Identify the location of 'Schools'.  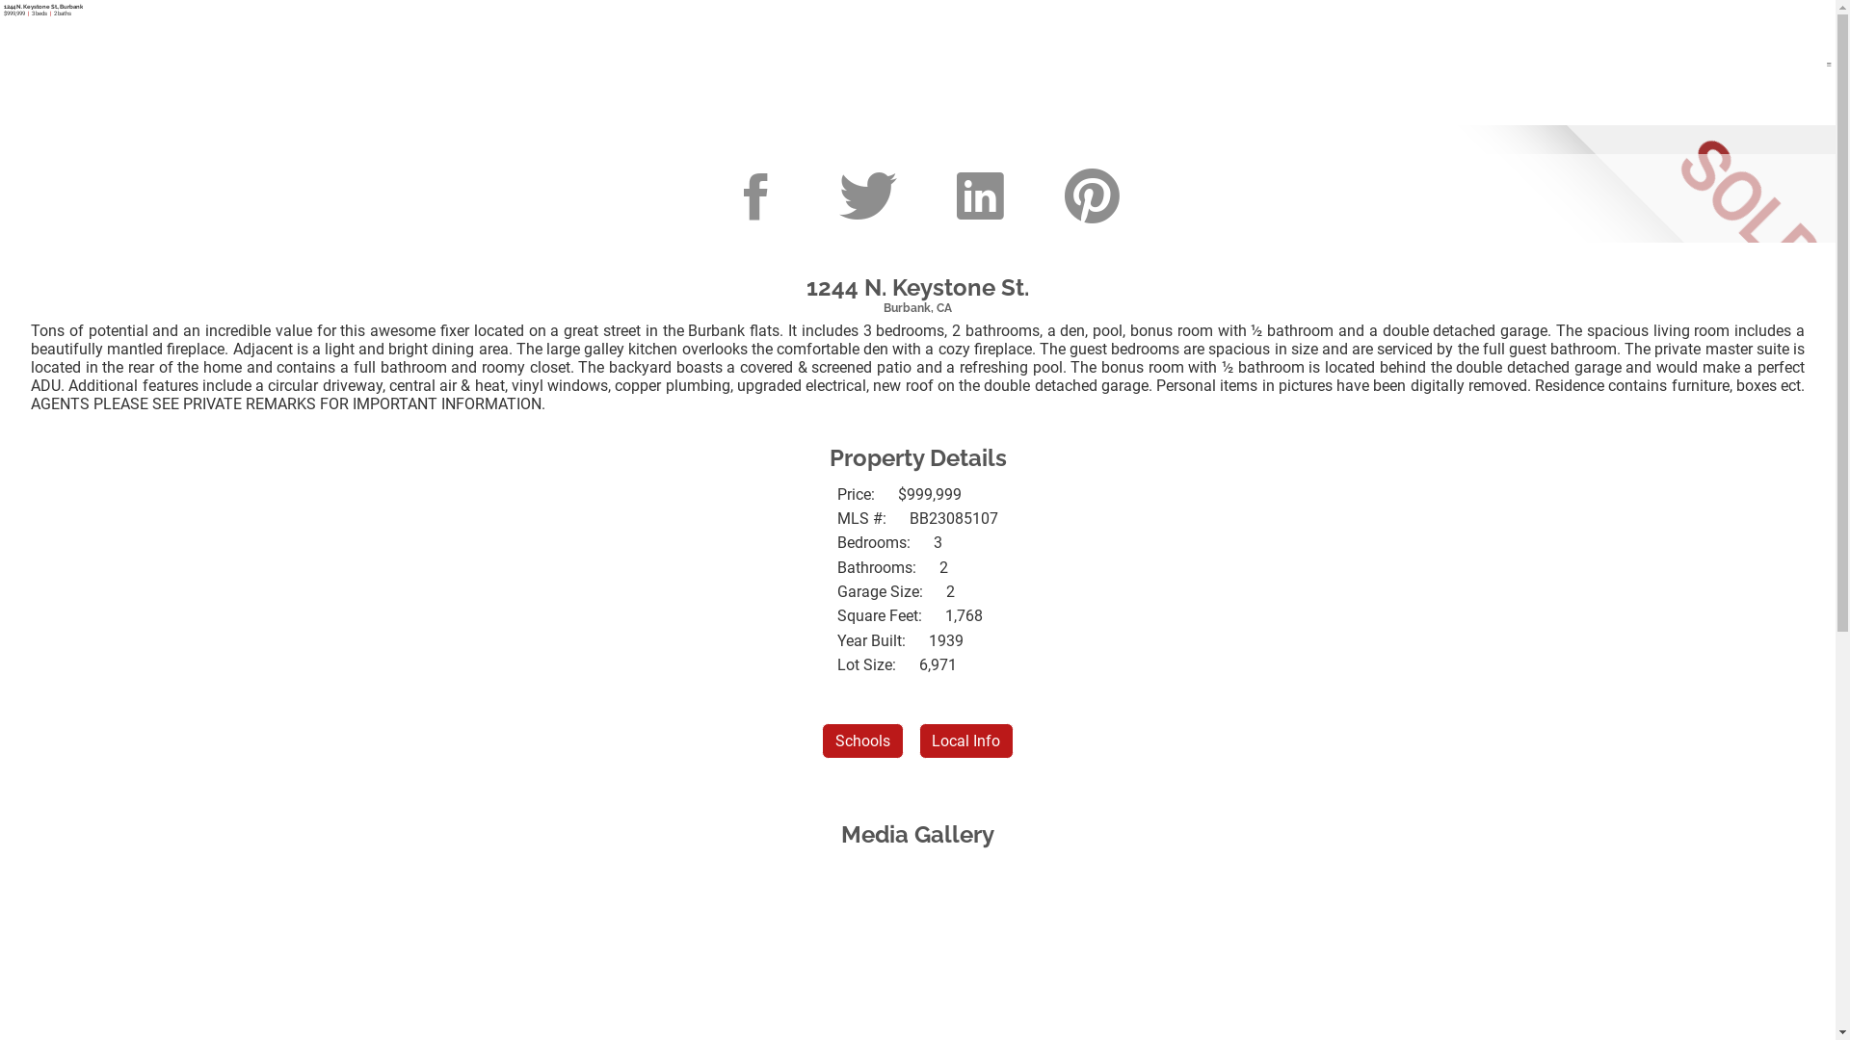
(861, 740).